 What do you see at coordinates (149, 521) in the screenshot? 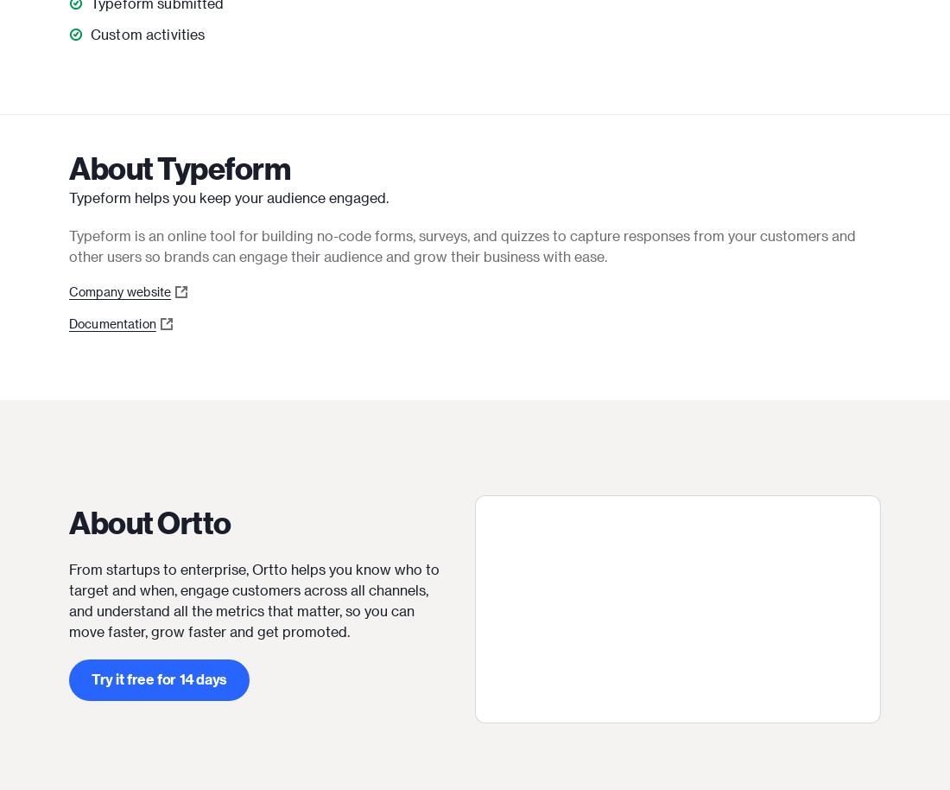
I see `'About Ortto'` at bounding box center [149, 521].